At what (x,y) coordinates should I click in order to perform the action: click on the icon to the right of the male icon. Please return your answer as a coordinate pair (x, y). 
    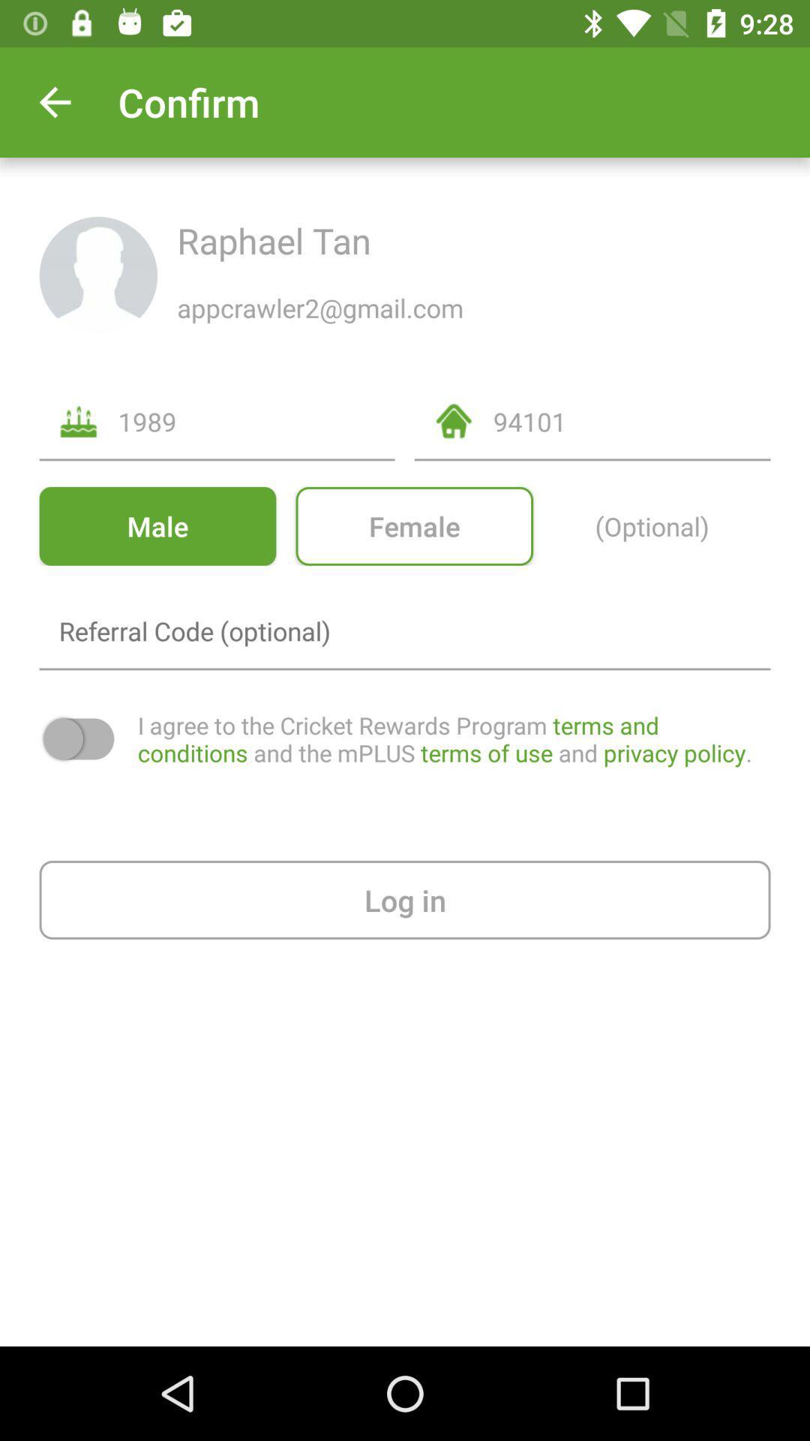
    Looking at the image, I should click on (414, 526).